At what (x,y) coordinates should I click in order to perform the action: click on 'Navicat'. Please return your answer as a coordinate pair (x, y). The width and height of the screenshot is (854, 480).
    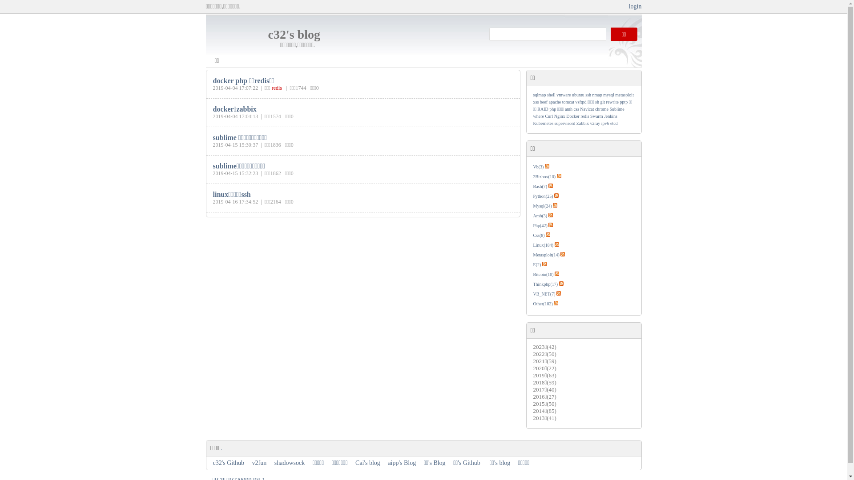
    Looking at the image, I should click on (580, 108).